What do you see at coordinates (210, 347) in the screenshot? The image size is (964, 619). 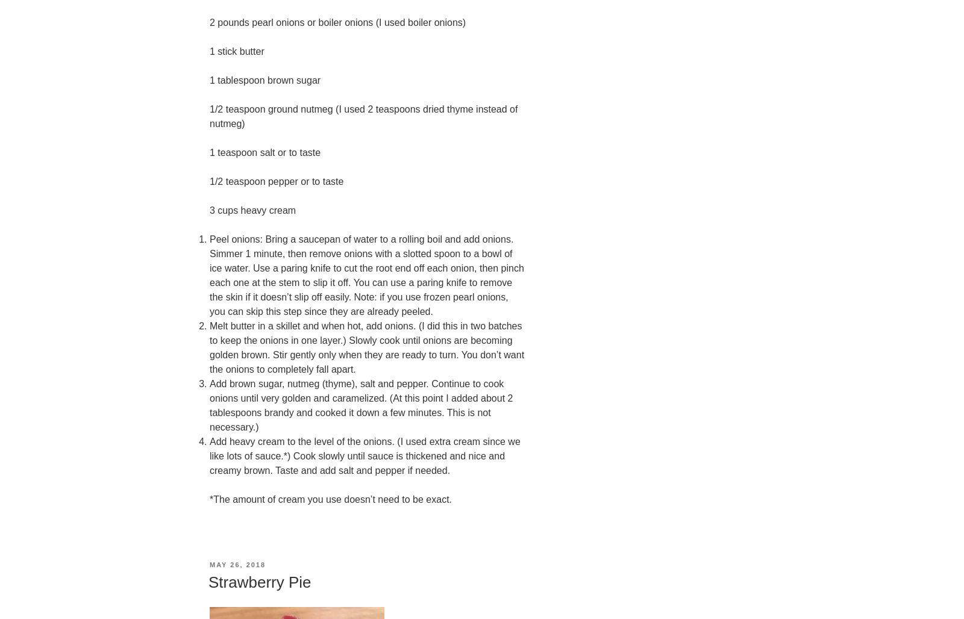 I see `'Melt butter in a skillet and when hot, add onions. (I did this in two batches to keep the onions in one layer.) Slowly cook until onions are becoming golden brown. Stir gently only when they are ready to turn. You don’t want the onions to completely fall apart.'` at bounding box center [210, 347].